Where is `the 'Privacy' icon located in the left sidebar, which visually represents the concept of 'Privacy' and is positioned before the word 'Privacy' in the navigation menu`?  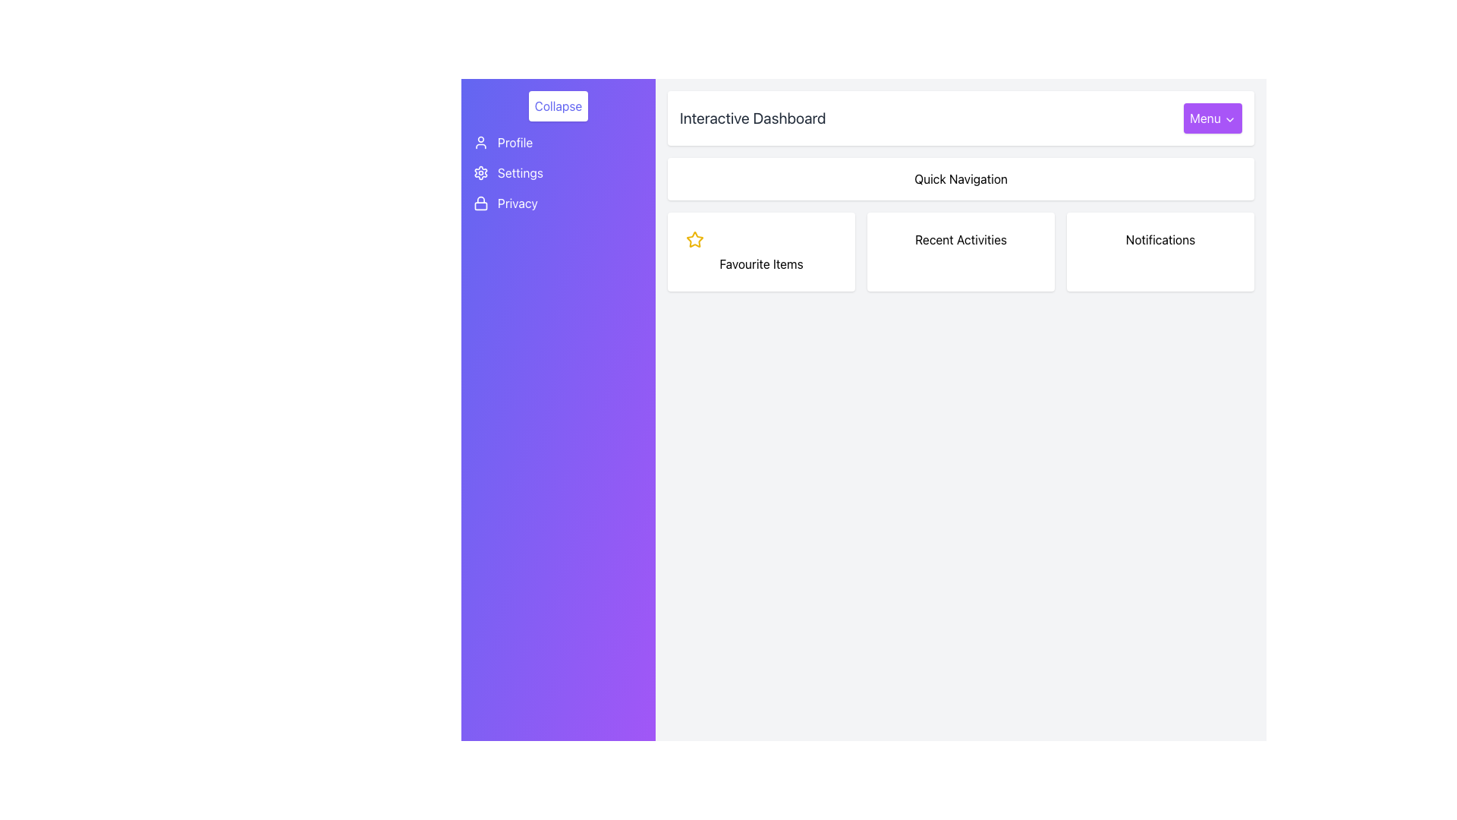
the 'Privacy' icon located in the left sidebar, which visually represents the concept of 'Privacy' and is positioned before the word 'Privacy' in the navigation menu is located at coordinates (480, 202).